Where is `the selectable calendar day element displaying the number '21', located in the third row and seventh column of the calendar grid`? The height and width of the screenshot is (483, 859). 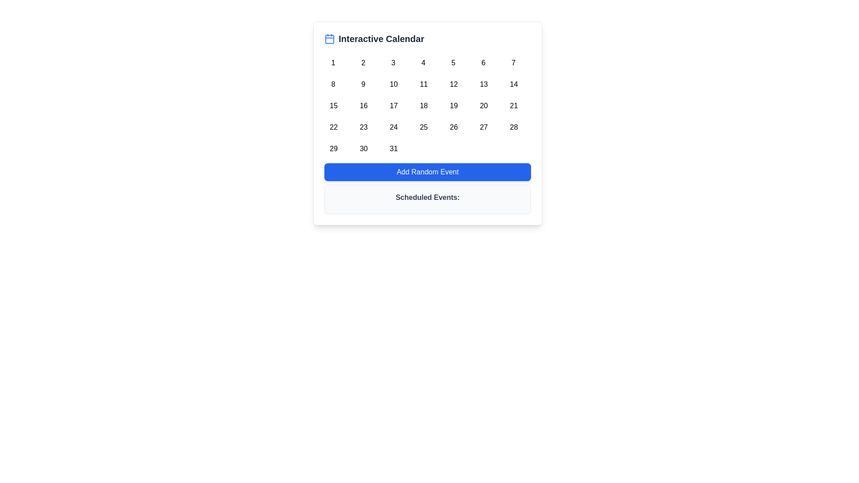 the selectable calendar day element displaying the number '21', located in the third row and seventh column of the calendar grid is located at coordinates (513, 103).